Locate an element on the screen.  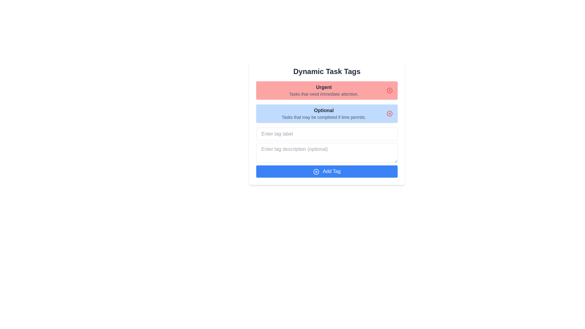
the text display component that shows 'Optional' and 'Tasks that may be completed if time permits', which is located in a rounded rectangle with a light blue background, positioned below the 'Urgent' tag is located at coordinates (323, 114).